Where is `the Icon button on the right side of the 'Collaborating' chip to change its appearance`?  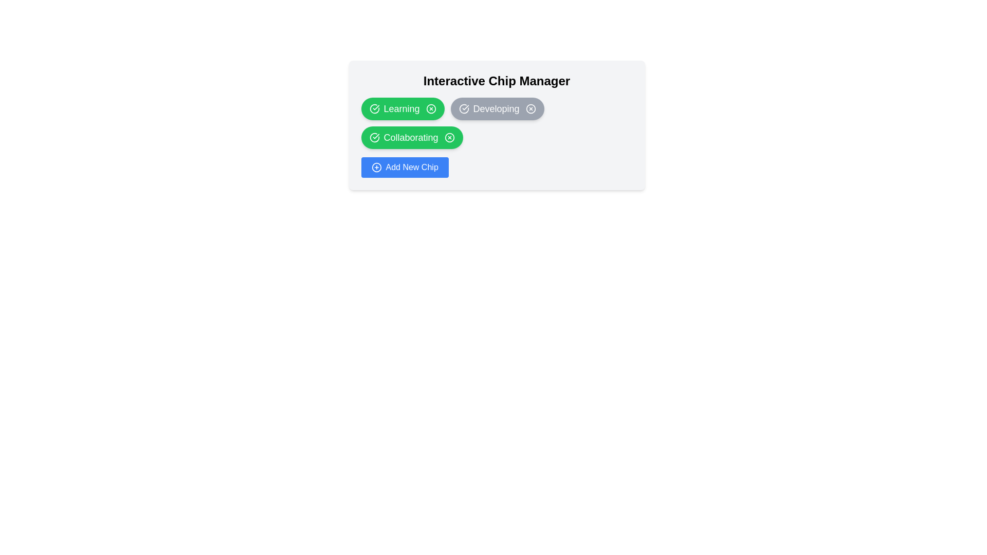 the Icon button on the right side of the 'Collaborating' chip to change its appearance is located at coordinates (449, 137).